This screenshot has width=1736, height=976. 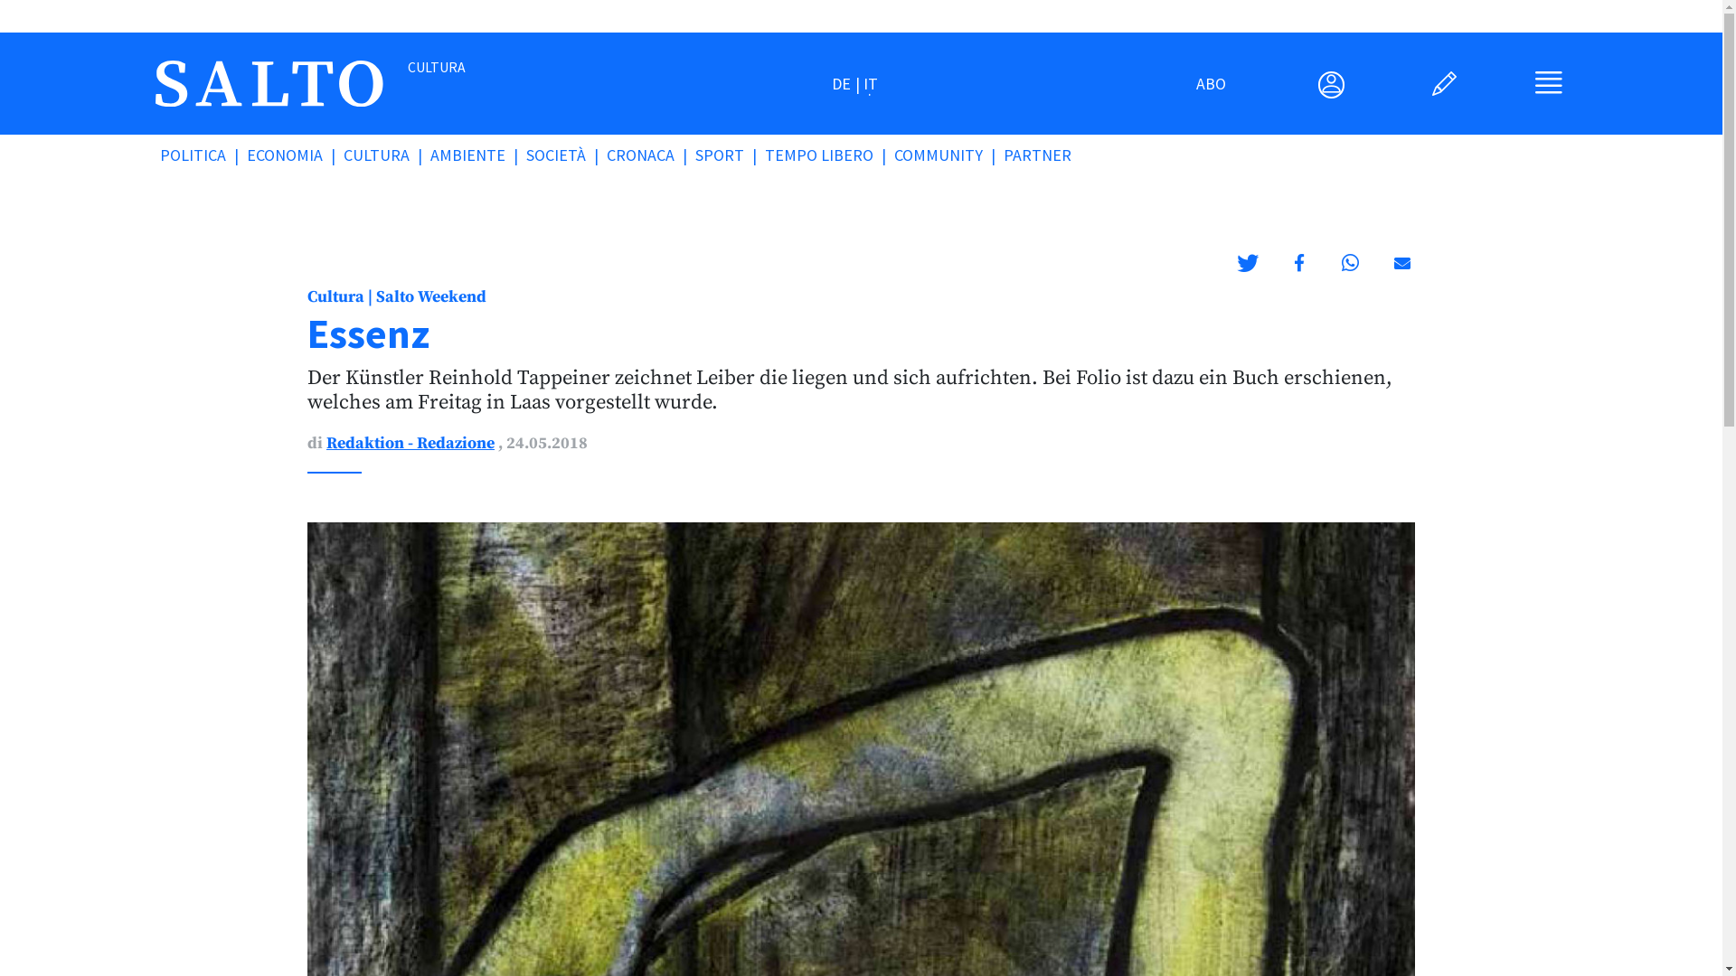 What do you see at coordinates (203, 154) in the screenshot?
I see `'POLITICA'` at bounding box center [203, 154].